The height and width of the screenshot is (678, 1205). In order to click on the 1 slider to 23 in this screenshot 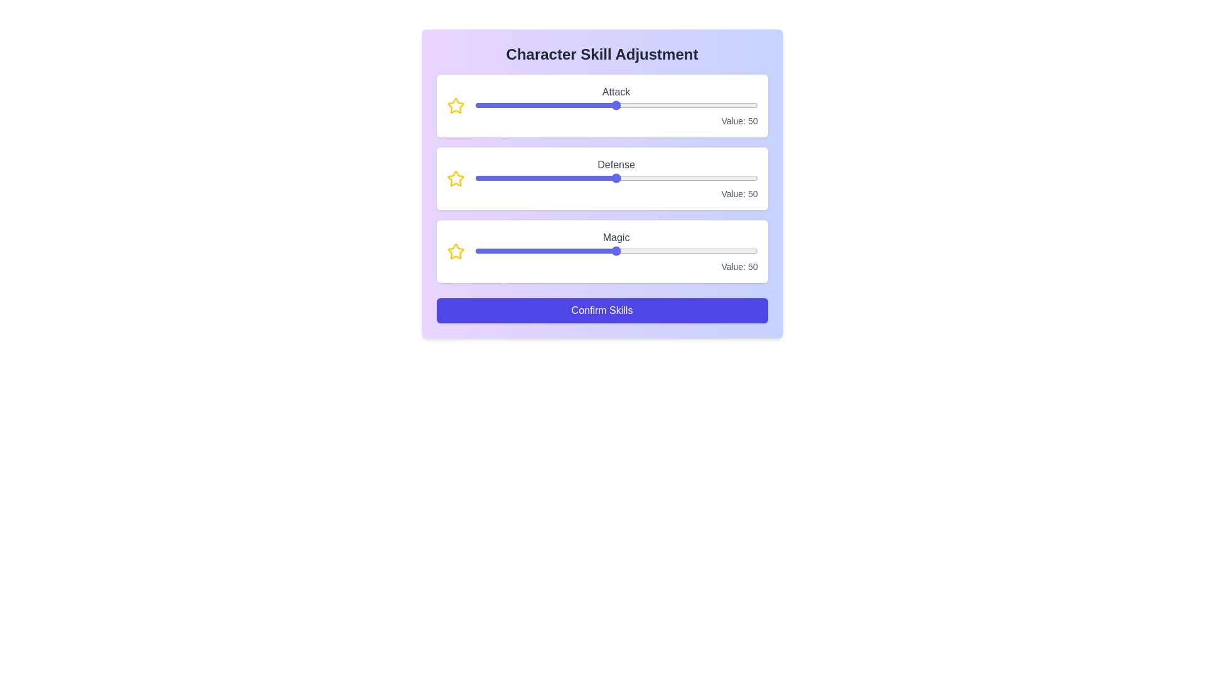, I will do `click(648, 178)`.